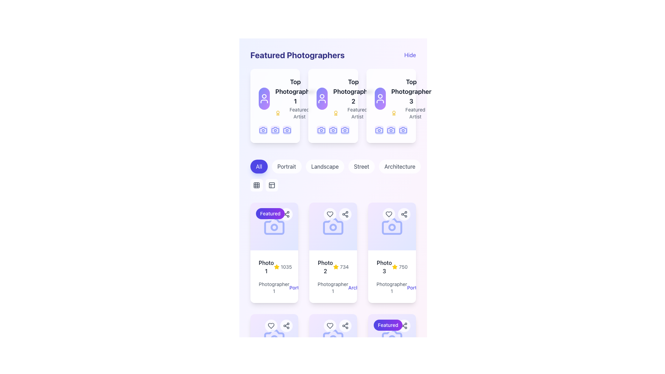 The width and height of the screenshot is (665, 374). Describe the element at coordinates (388, 325) in the screenshot. I see `the 'Featured' text label that visually differentiates its associated card in the grid of cards` at that location.